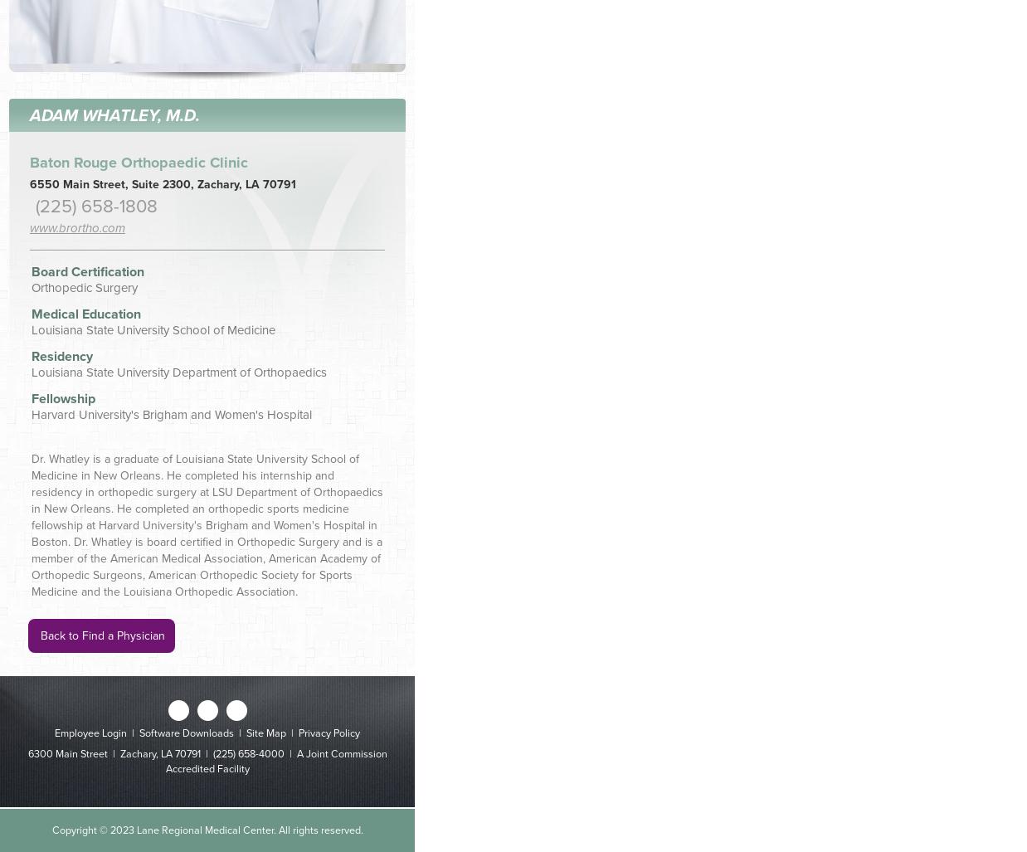 The height and width of the screenshot is (852, 1027). What do you see at coordinates (31, 314) in the screenshot?
I see `'Medical Education'` at bounding box center [31, 314].